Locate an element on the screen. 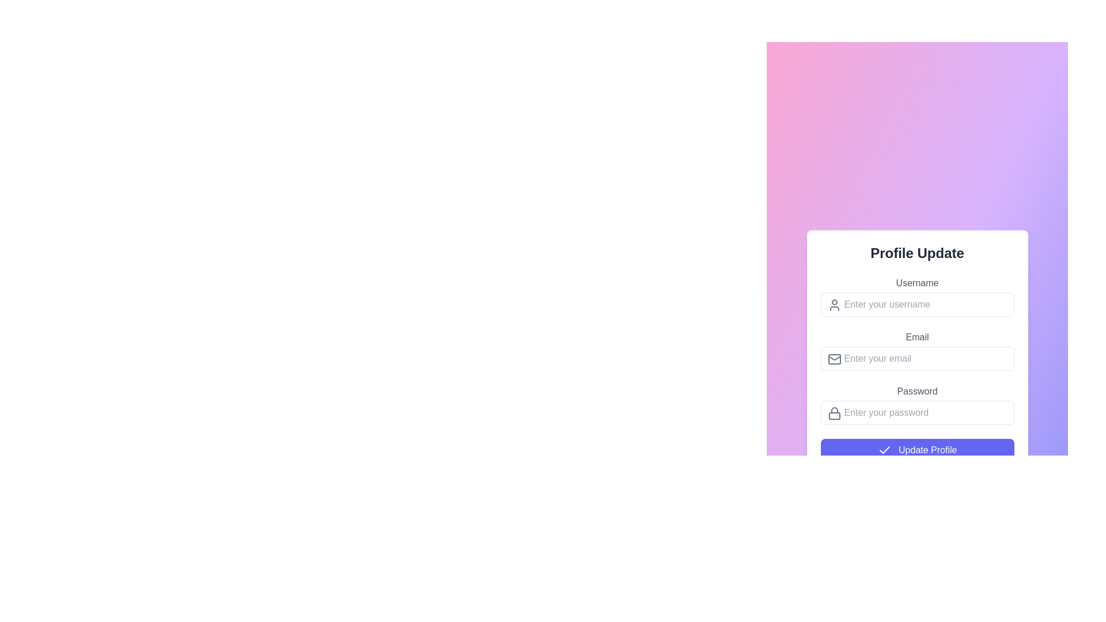  the user icon located in the top-left part of the username input field, which is outlined with a circular head and a simplified body shape in gray color is located at coordinates (834, 304).